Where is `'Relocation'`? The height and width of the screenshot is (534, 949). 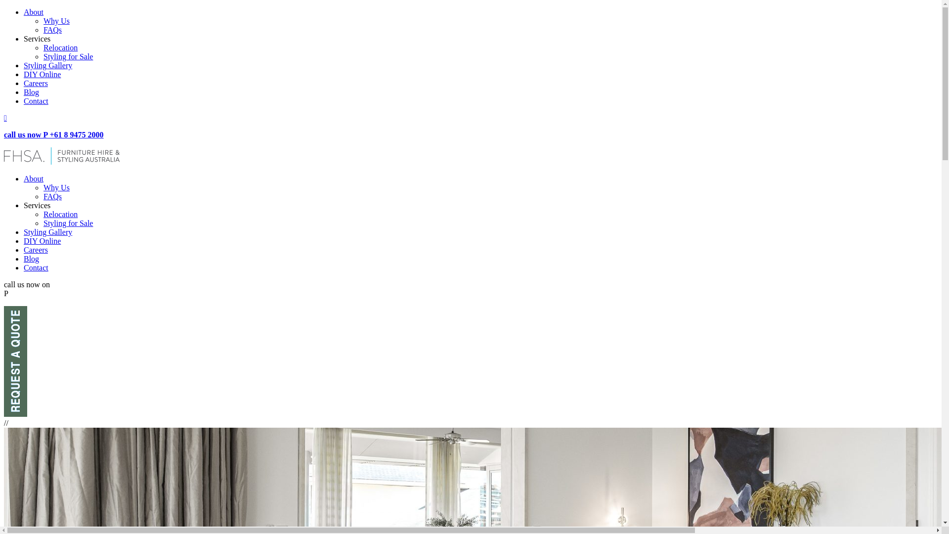
'Relocation' is located at coordinates (60, 214).